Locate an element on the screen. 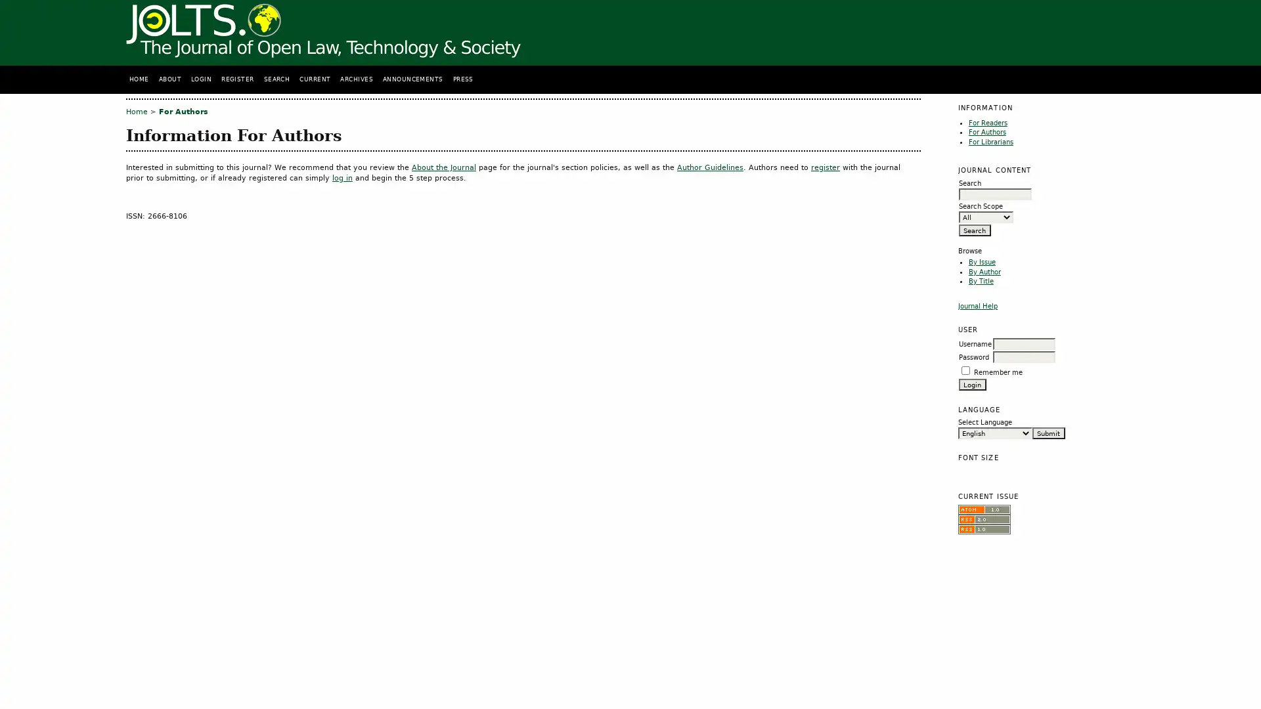 The height and width of the screenshot is (709, 1261). Search is located at coordinates (974, 229).